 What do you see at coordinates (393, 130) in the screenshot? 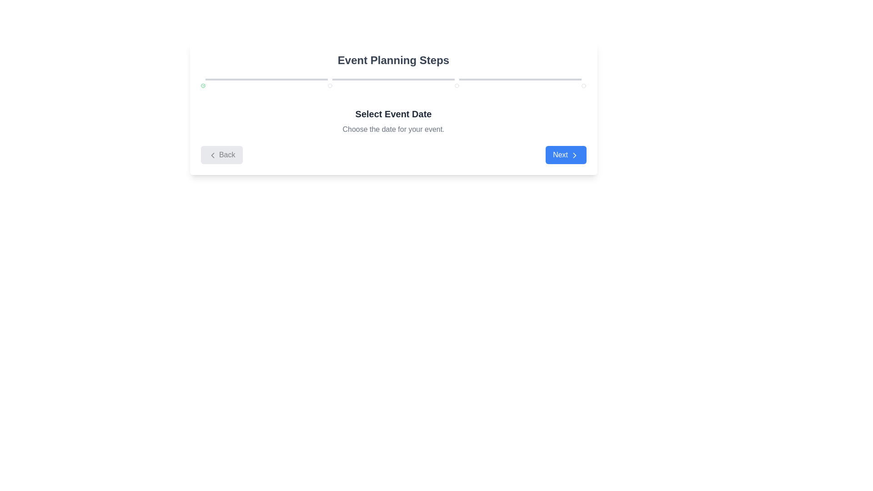
I see `the supplementary descriptive Text label that instructs the user on selecting a date for an event, positioned below the header 'Select Event Date.'` at bounding box center [393, 130].